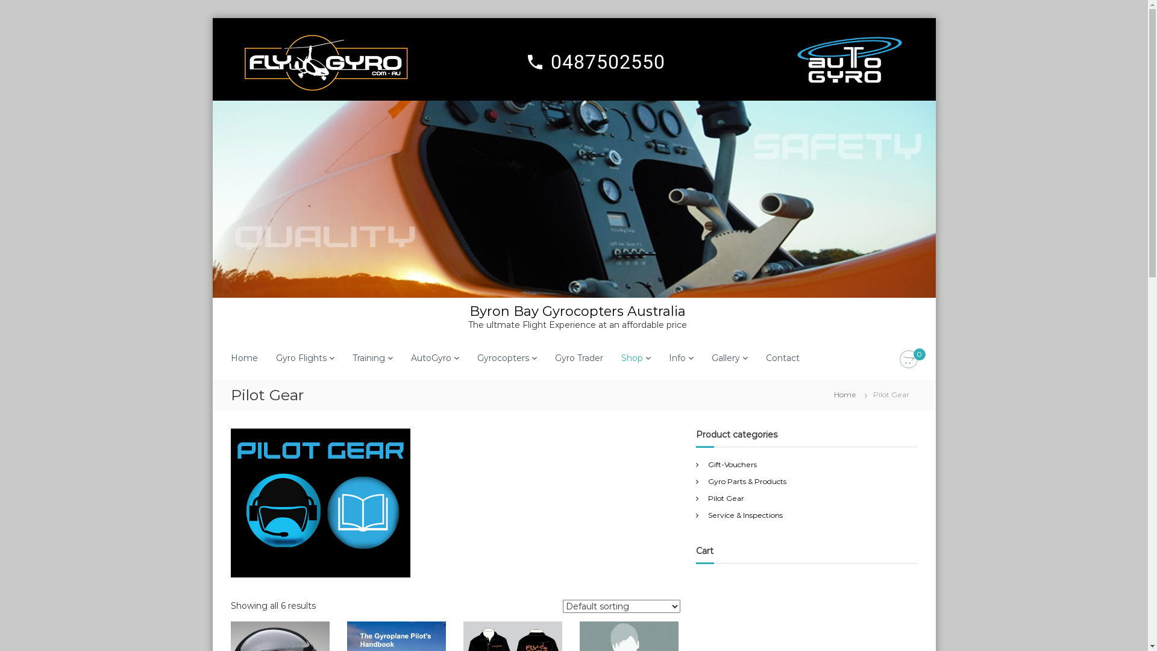 The width and height of the screenshot is (1157, 651). I want to click on 'Gallery', so click(711, 357).